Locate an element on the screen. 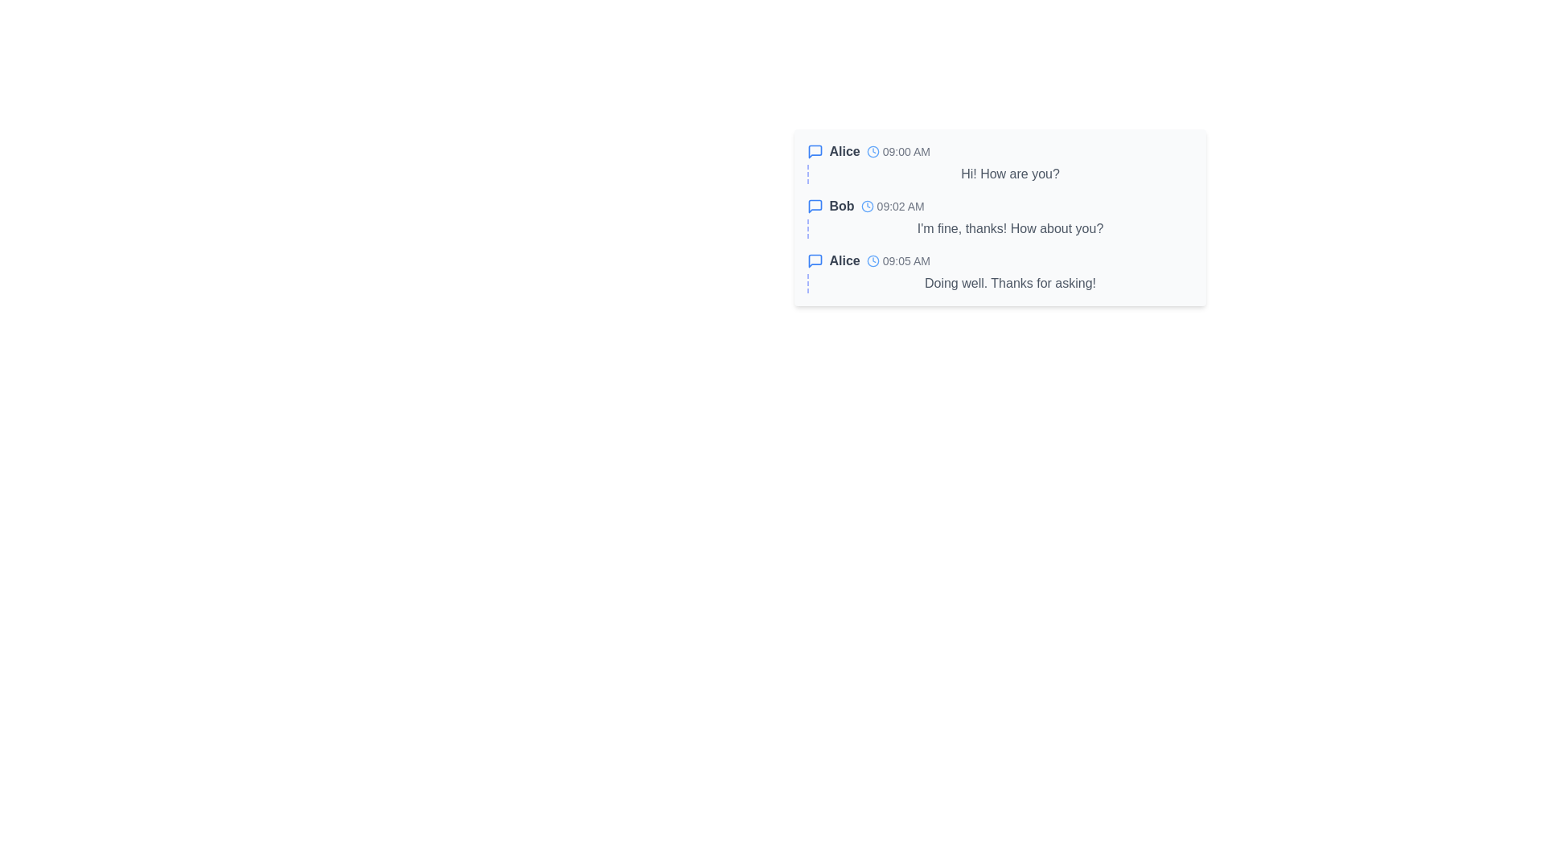 The image size is (1544, 868). the Circle in Clock Icon, which is part of the timestamp display for a chat message, located to the right of the sender's name and time in the first message of the chat list is located at coordinates (872, 152).